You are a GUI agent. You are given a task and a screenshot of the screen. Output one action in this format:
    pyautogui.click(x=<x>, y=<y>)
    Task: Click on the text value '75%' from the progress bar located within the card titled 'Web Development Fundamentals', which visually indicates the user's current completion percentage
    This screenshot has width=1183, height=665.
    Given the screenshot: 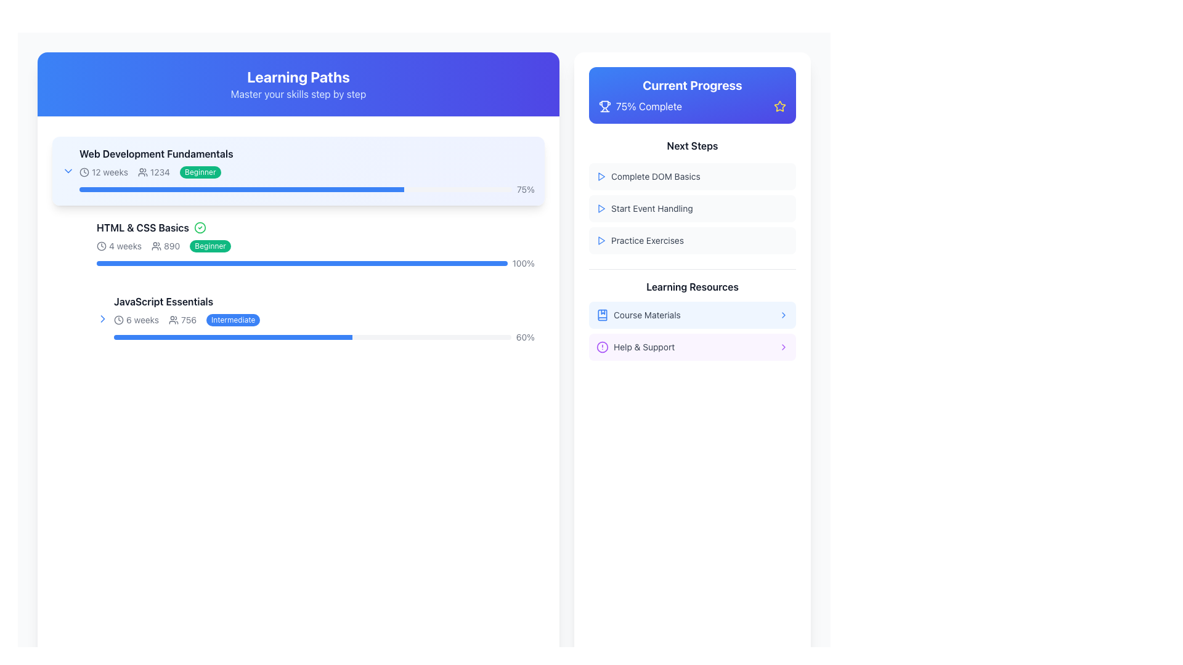 What is the action you would take?
    pyautogui.click(x=307, y=190)
    